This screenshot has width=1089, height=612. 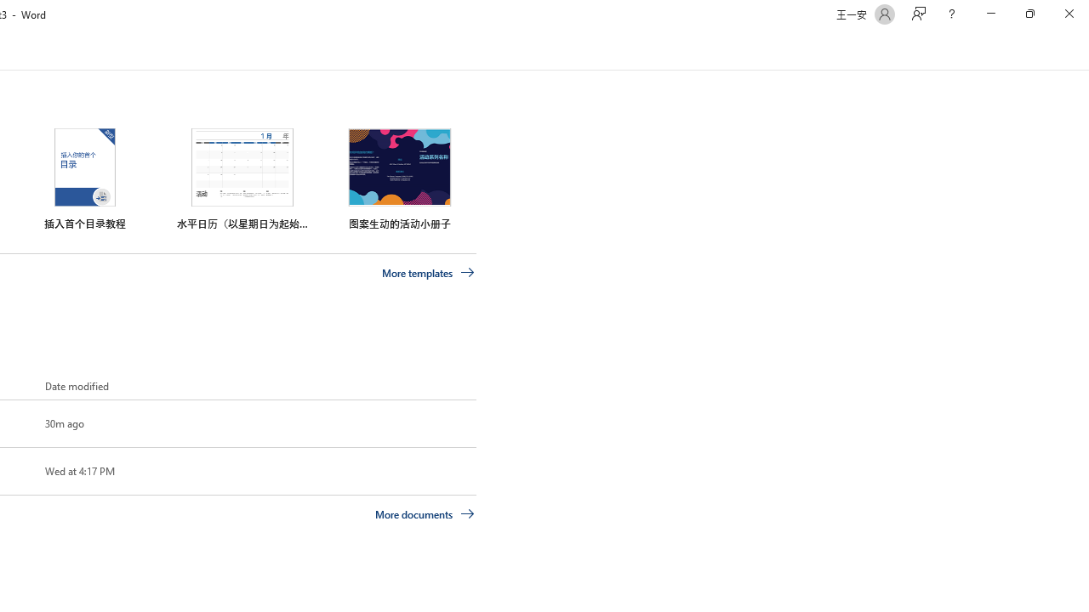 What do you see at coordinates (950, 14) in the screenshot?
I see `'Help'` at bounding box center [950, 14].